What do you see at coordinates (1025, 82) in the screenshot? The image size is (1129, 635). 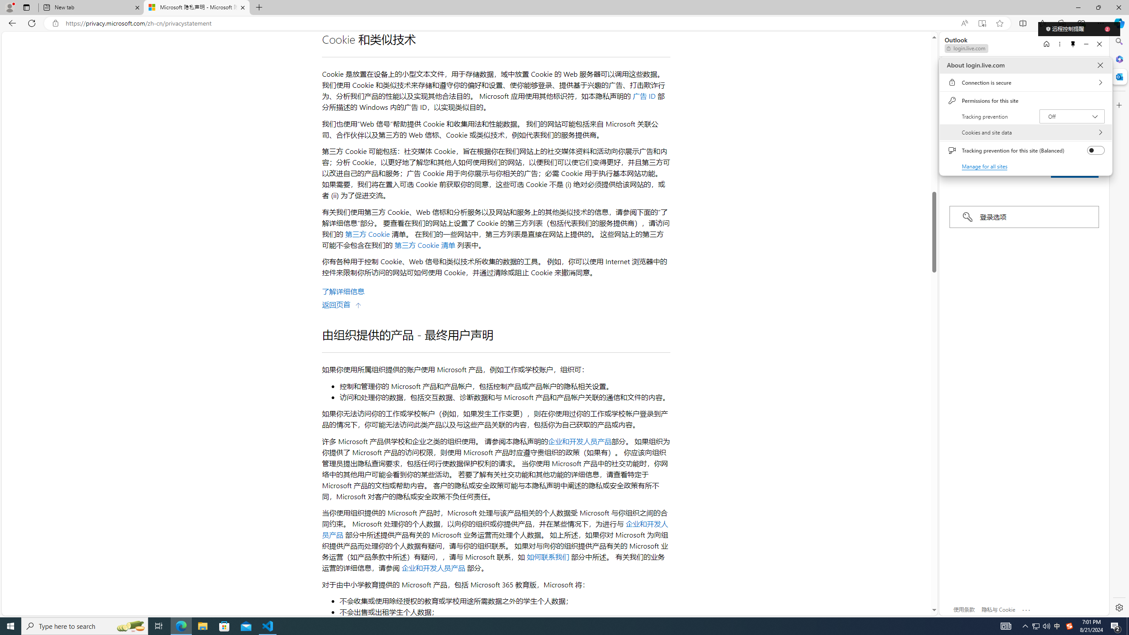 I see `'Connection is secure'` at bounding box center [1025, 82].